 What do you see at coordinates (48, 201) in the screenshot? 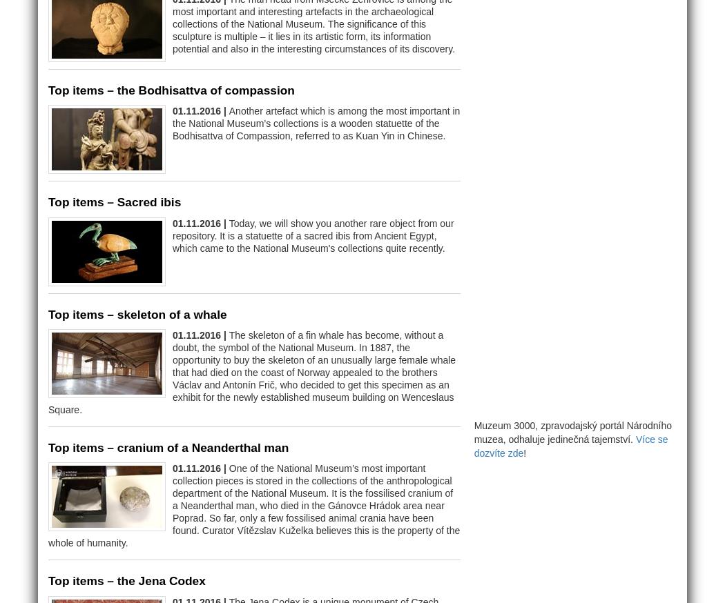
I see `'Top items – Sacred ibis'` at bounding box center [48, 201].